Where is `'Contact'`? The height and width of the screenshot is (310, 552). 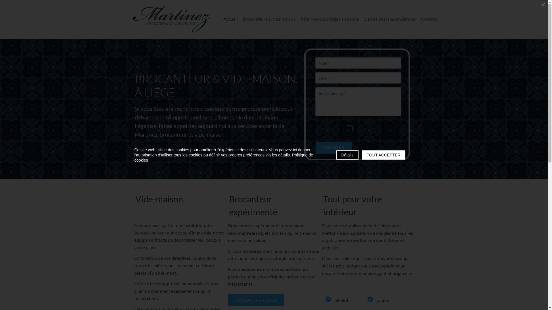
'Contact' is located at coordinates (429, 18).